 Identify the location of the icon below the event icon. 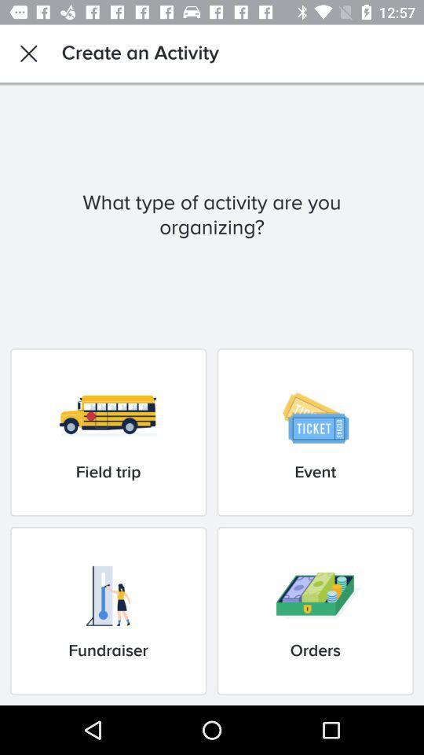
(315, 610).